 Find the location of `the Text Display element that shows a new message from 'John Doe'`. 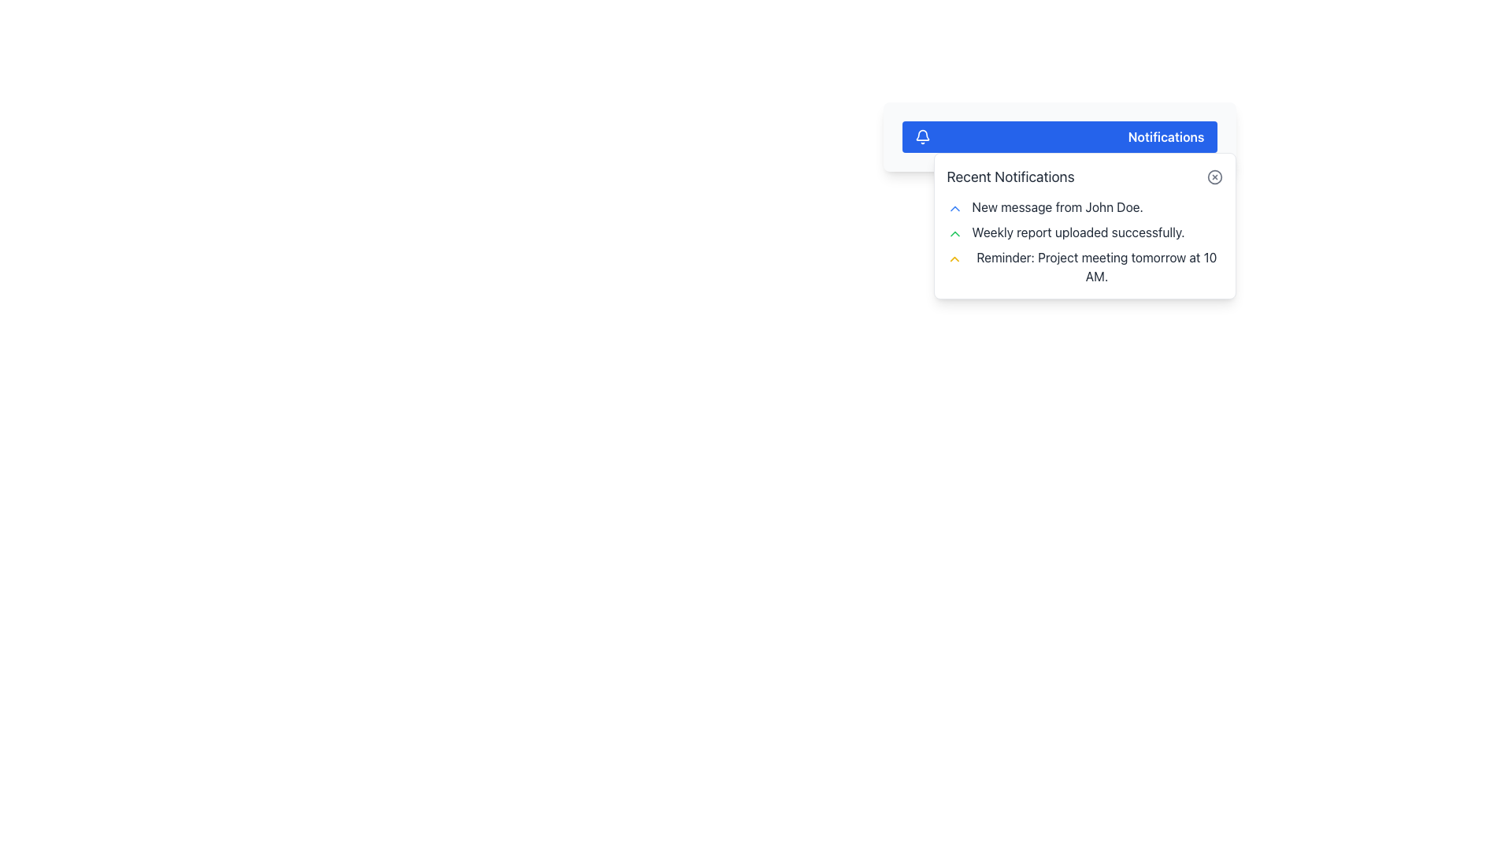

the Text Display element that shows a new message from 'John Doe' is located at coordinates (1058, 206).